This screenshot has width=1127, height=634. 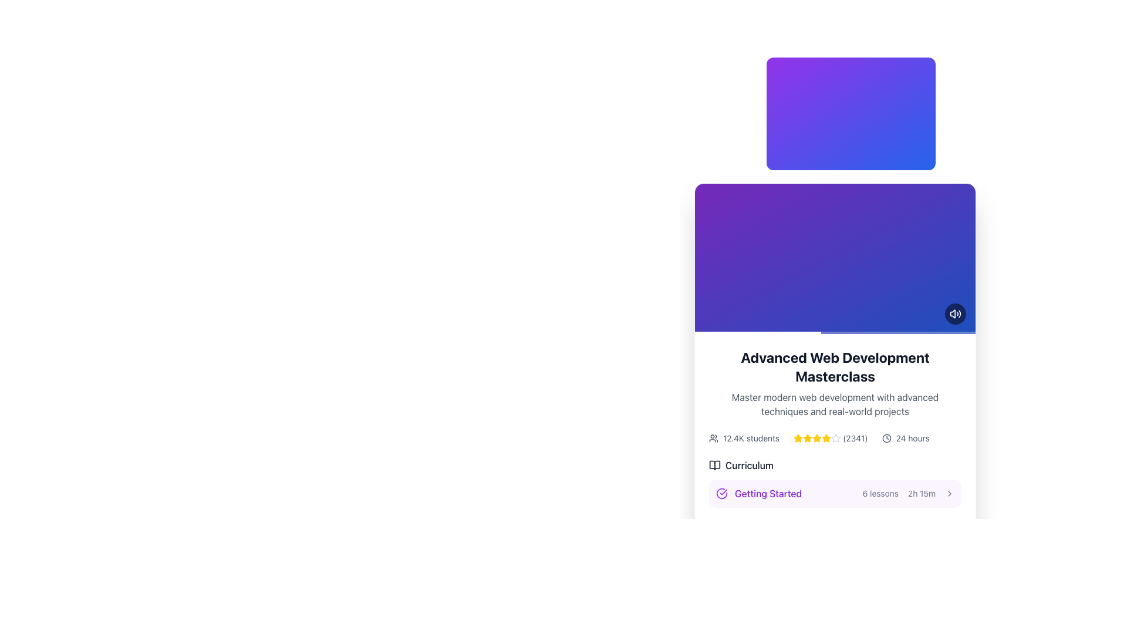 What do you see at coordinates (855, 439) in the screenshot?
I see `the Text Display that shows a number in parentheses, styled in gray, located to the right of the yellow star ratings for the item on the card` at bounding box center [855, 439].